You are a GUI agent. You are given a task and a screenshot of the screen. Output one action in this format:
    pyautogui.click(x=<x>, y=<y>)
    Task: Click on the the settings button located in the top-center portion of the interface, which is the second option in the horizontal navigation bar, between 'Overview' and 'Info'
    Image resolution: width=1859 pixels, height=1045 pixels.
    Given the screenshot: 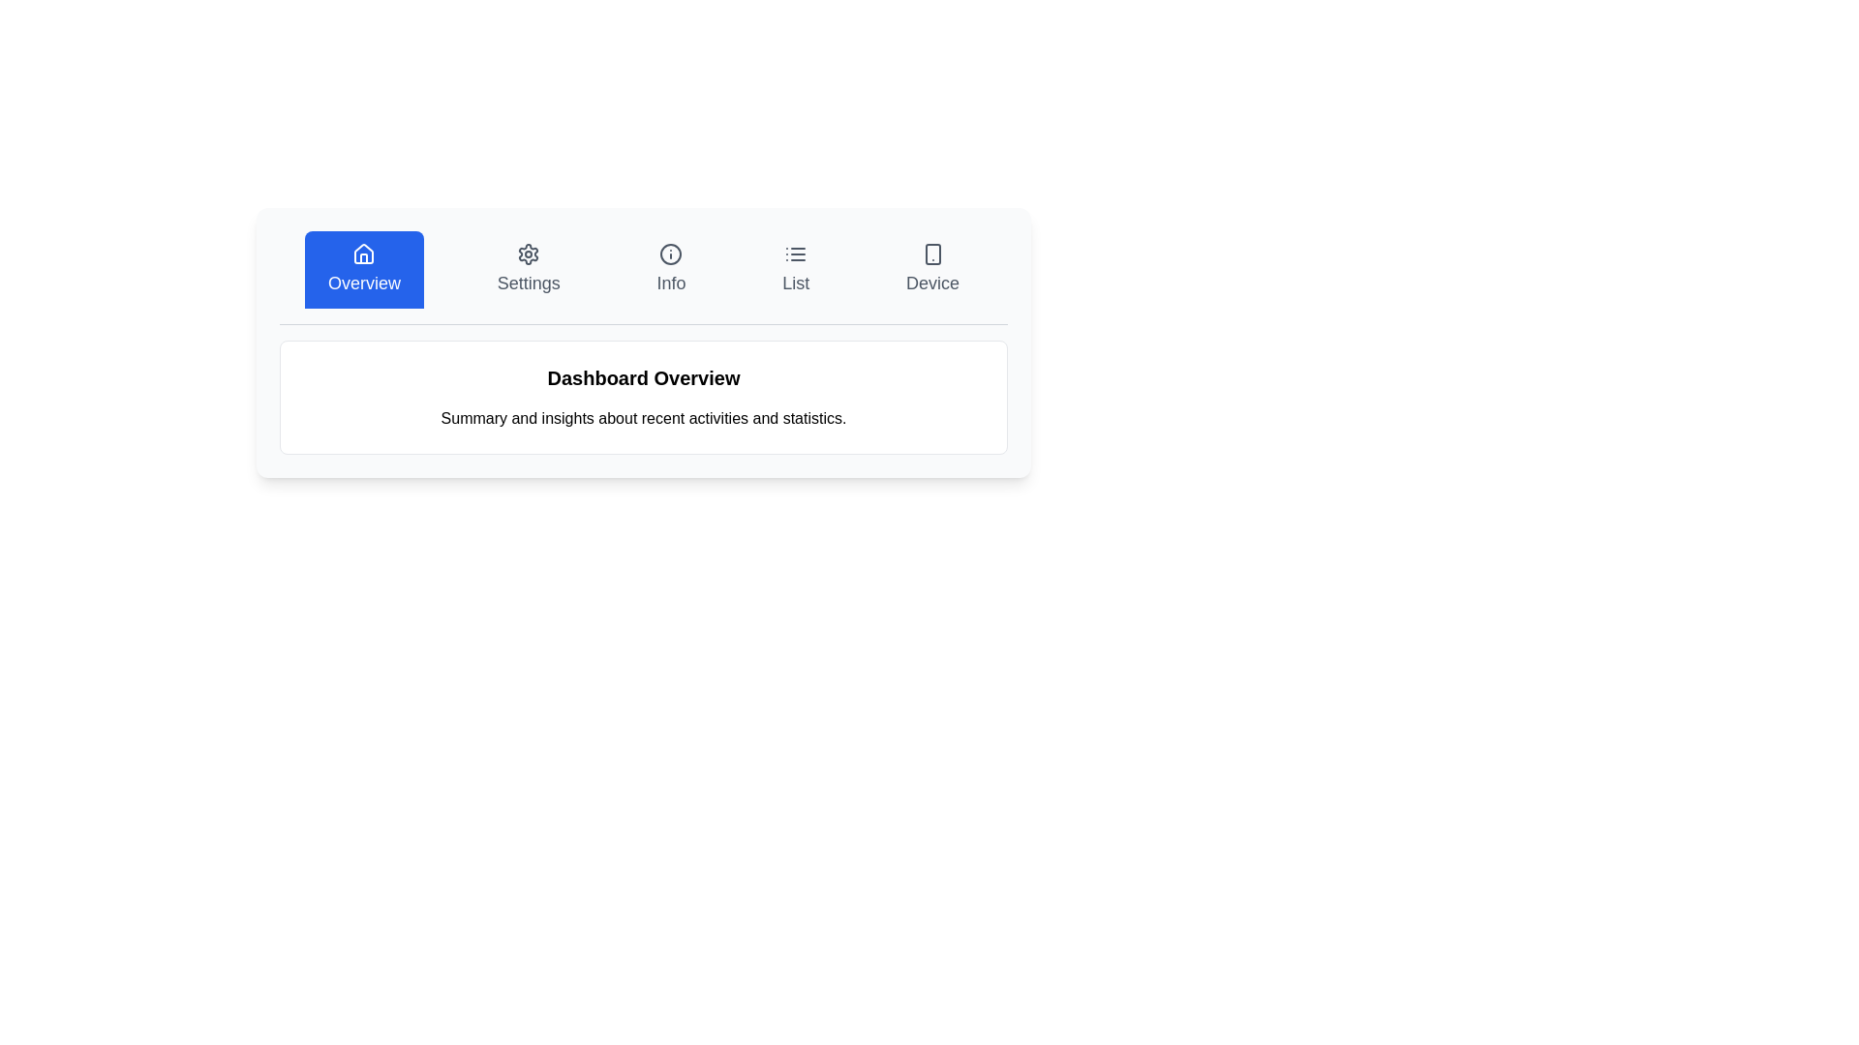 What is the action you would take?
    pyautogui.click(x=529, y=269)
    